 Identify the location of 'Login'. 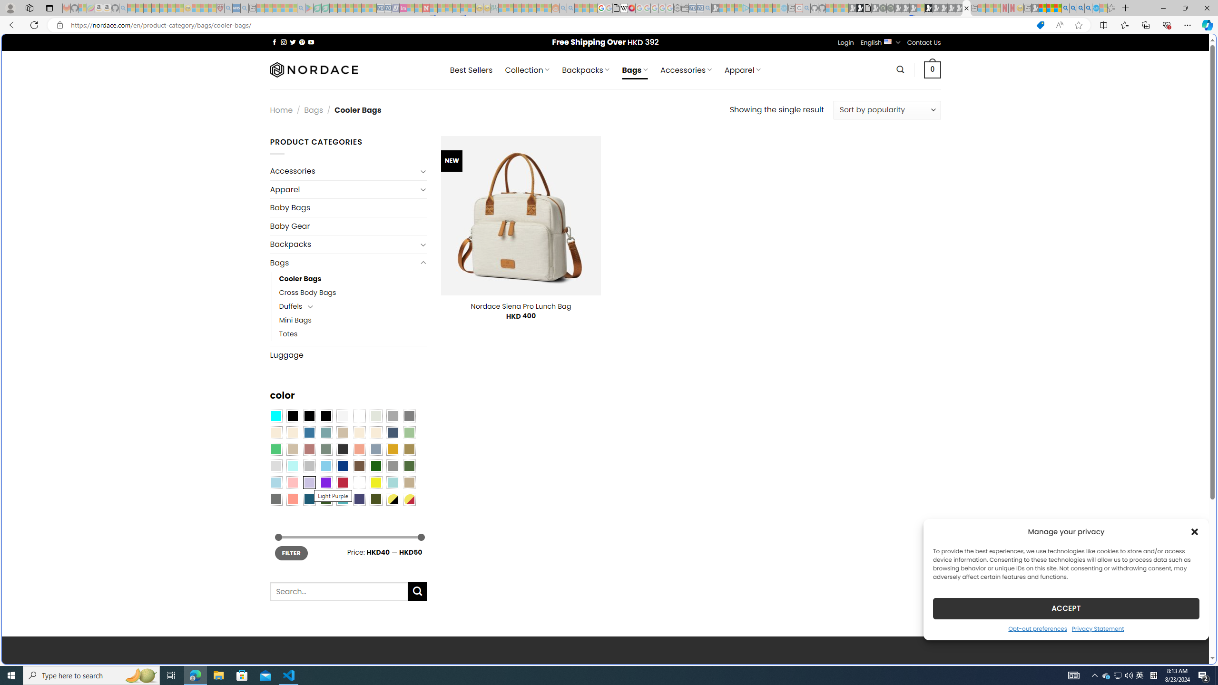
(845, 42).